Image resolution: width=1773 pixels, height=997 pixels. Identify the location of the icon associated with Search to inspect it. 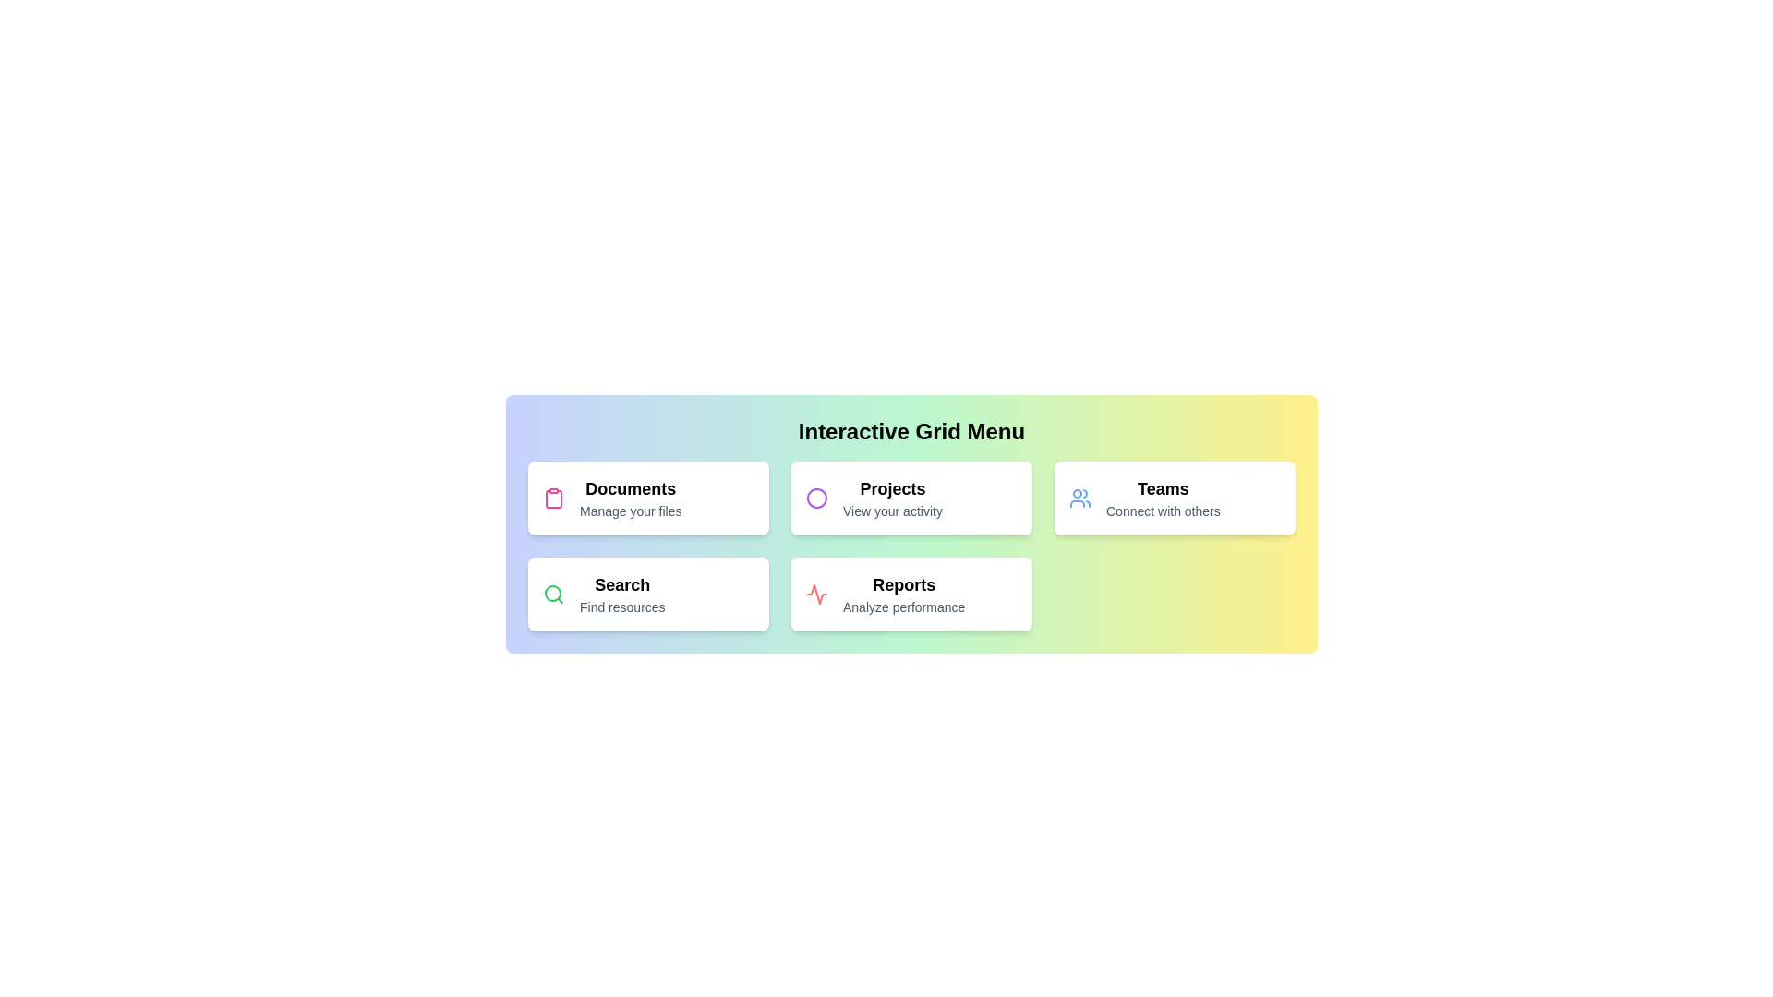
(553, 595).